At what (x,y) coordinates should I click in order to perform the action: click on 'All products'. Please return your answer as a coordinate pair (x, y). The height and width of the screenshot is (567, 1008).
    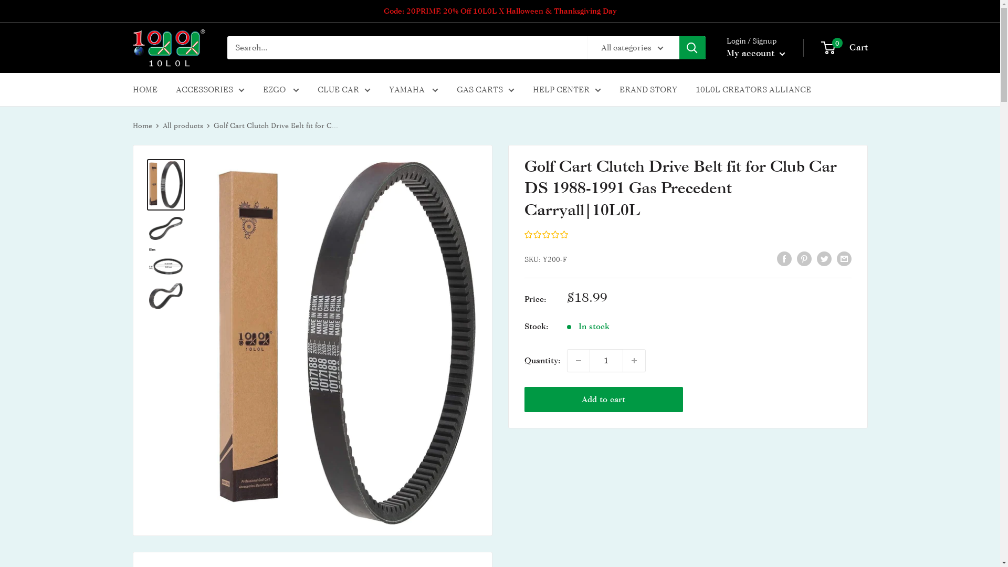
    Looking at the image, I should click on (162, 124).